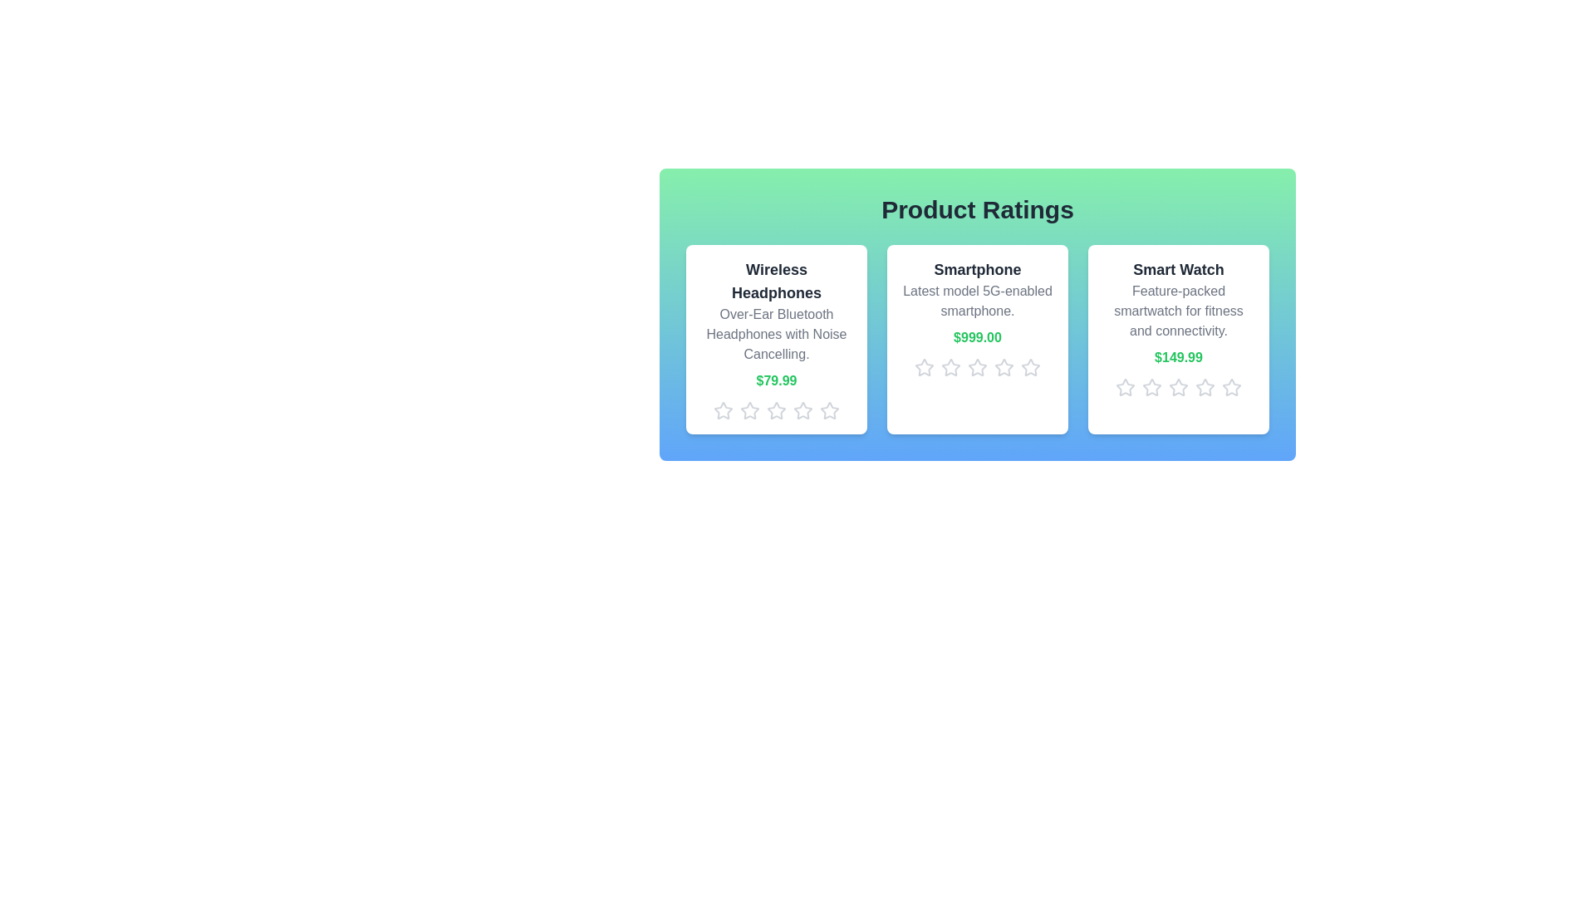  What do you see at coordinates (1151, 387) in the screenshot?
I see `the star icon corresponding to 2 stars for the product Smart Watch` at bounding box center [1151, 387].